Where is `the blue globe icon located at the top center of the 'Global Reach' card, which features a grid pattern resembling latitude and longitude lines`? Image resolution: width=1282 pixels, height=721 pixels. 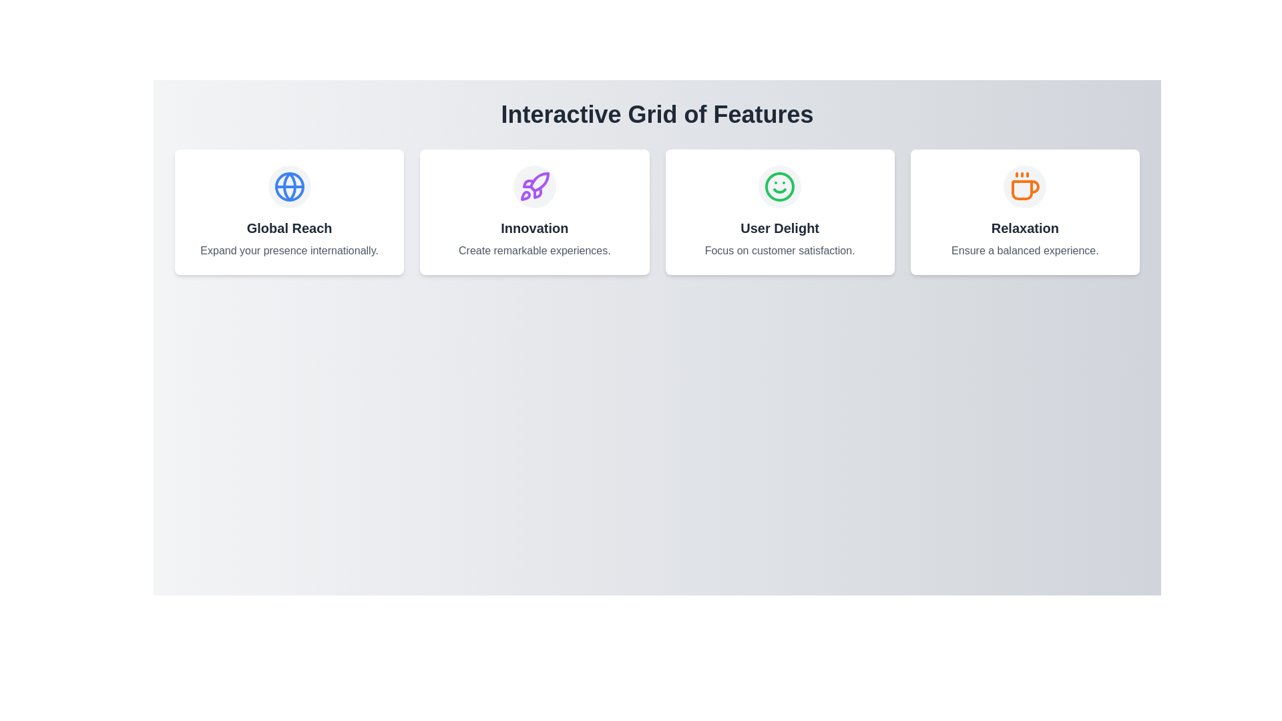
the blue globe icon located at the top center of the 'Global Reach' card, which features a grid pattern resembling latitude and longitude lines is located at coordinates (288, 187).